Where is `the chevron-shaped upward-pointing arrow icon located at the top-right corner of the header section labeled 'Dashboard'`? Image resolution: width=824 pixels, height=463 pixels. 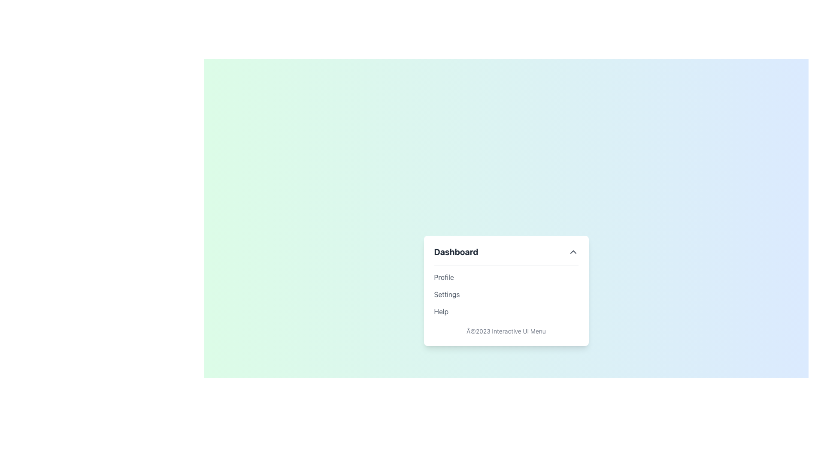
the chevron-shaped upward-pointing arrow icon located at the top-right corner of the header section labeled 'Dashboard' is located at coordinates (573, 251).